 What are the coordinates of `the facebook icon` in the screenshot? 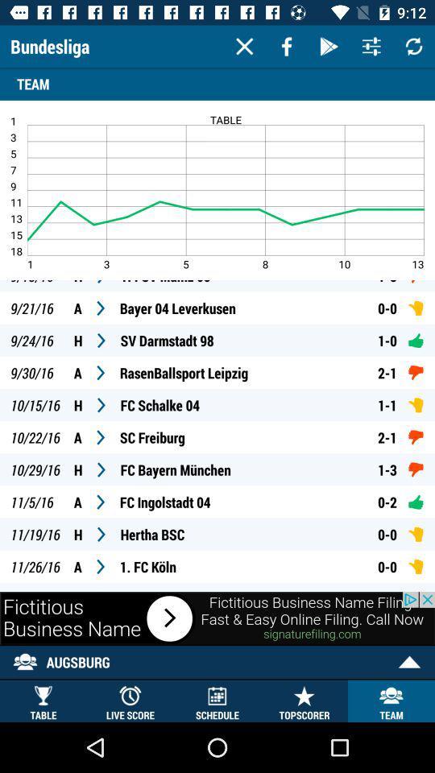 It's located at (286, 45).